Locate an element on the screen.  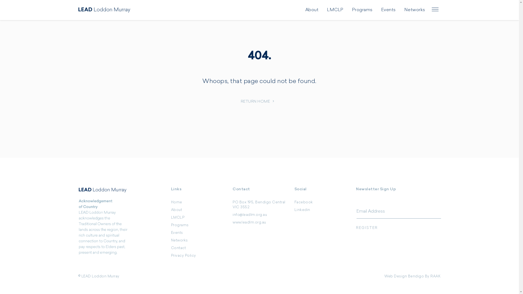
'RETURN HOME' is located at coordinates (259, 102).